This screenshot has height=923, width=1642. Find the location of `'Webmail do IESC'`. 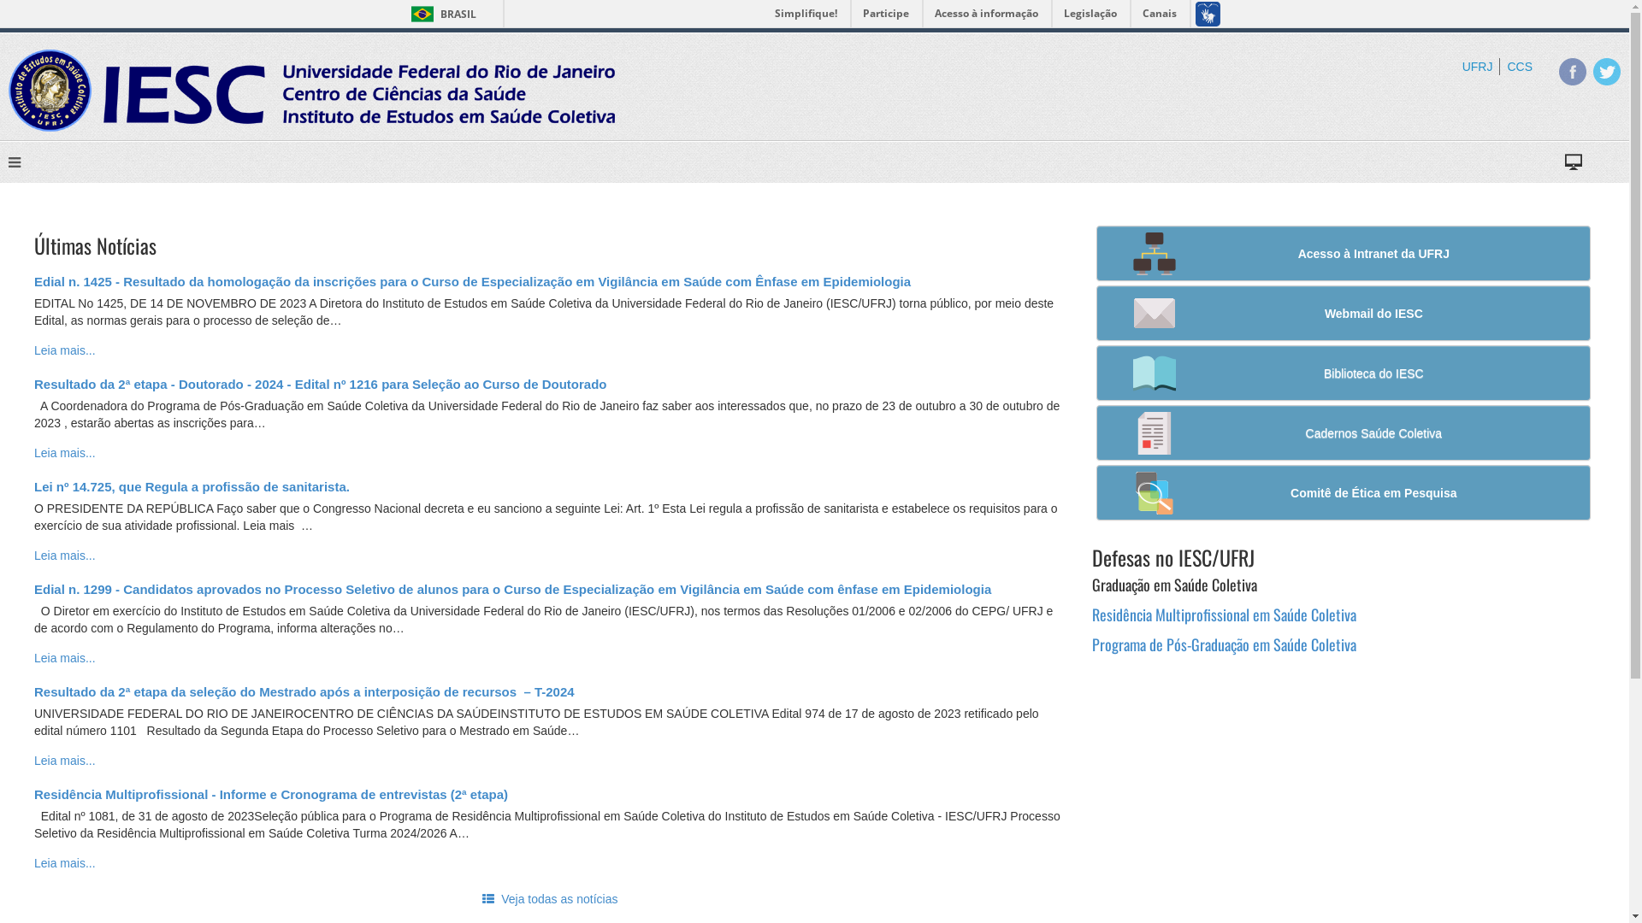

'Webmail do IESC' is located at coordinates (1342, 313).